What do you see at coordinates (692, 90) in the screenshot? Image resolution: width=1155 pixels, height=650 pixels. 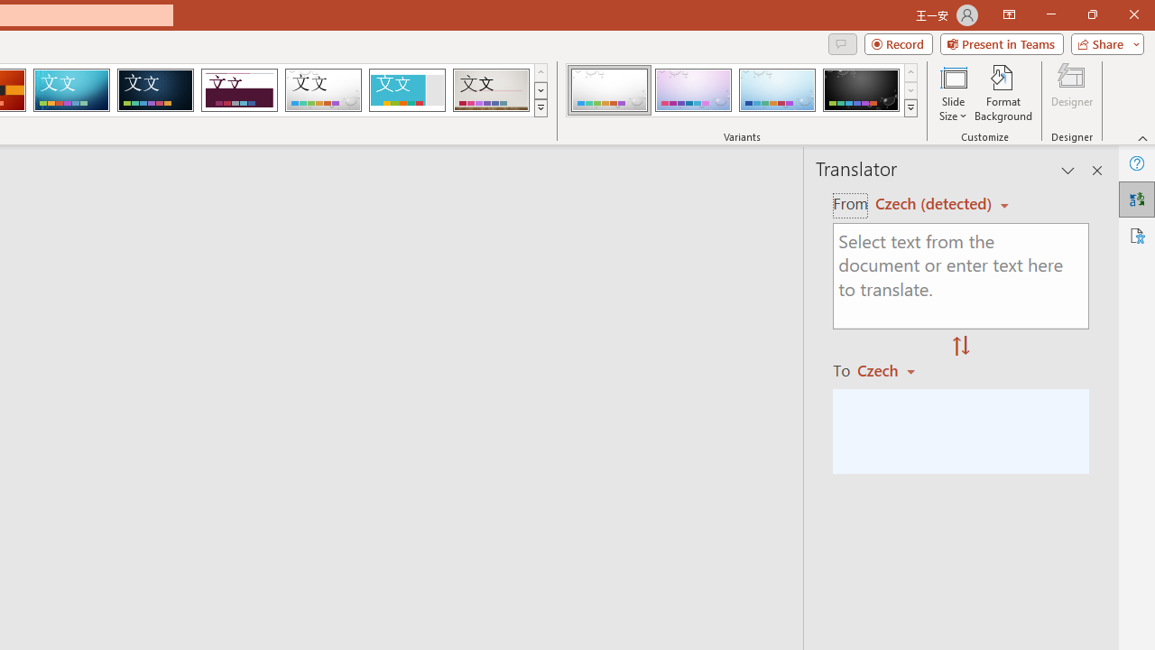 I see `'Droplet Variant 2'` at bounding box center [692, 90].